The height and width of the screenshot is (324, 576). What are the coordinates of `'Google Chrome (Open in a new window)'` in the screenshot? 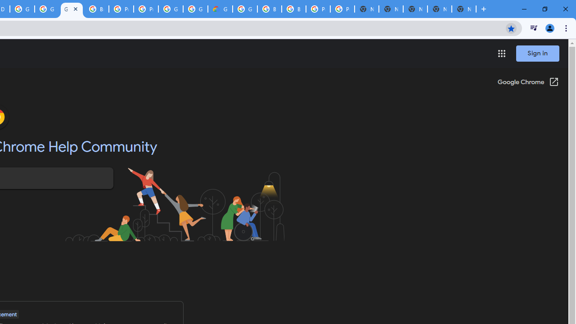 It's located at (528, 82).